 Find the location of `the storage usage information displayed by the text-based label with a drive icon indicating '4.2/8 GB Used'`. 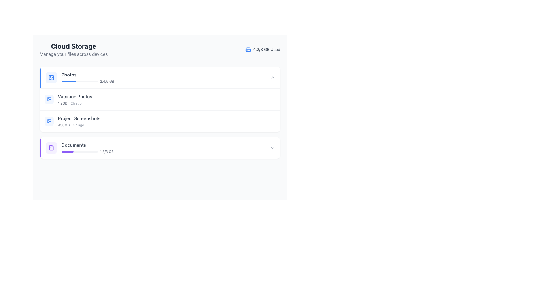

the storage usage information displayed by the text-based label with a drive icon indicating '4.2/8 GB Used' is located at coordinates (262, 49).